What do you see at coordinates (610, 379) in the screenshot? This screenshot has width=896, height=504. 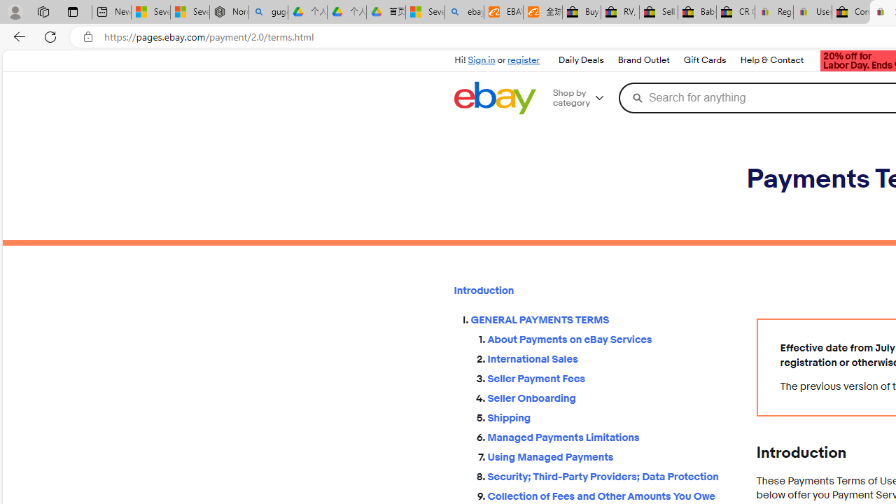 I see `'Seller Payment Fees'` at bounding box center [610, 379].